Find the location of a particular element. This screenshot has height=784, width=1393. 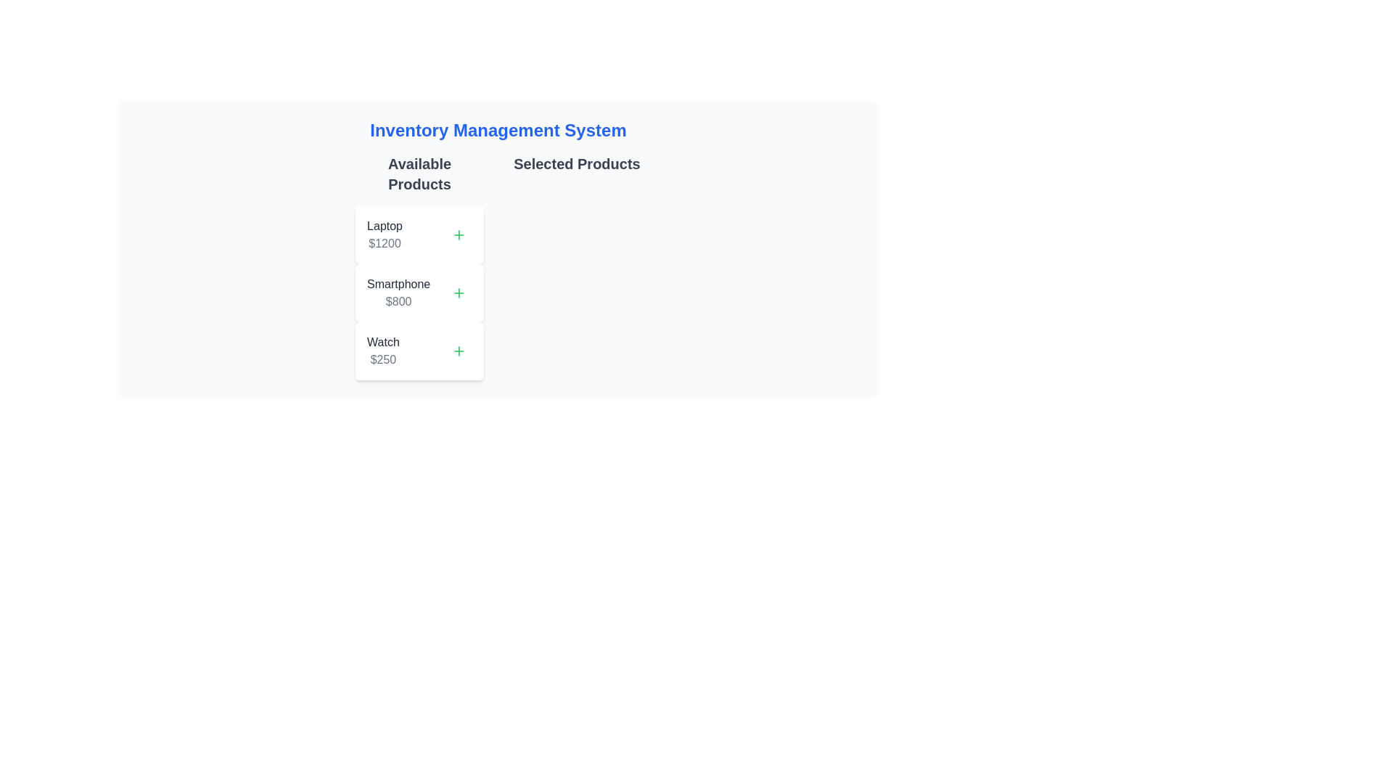

the green-colored plus sign button located at the top of the vertical list under 'Available Products' is located at coordinates (459, 234).